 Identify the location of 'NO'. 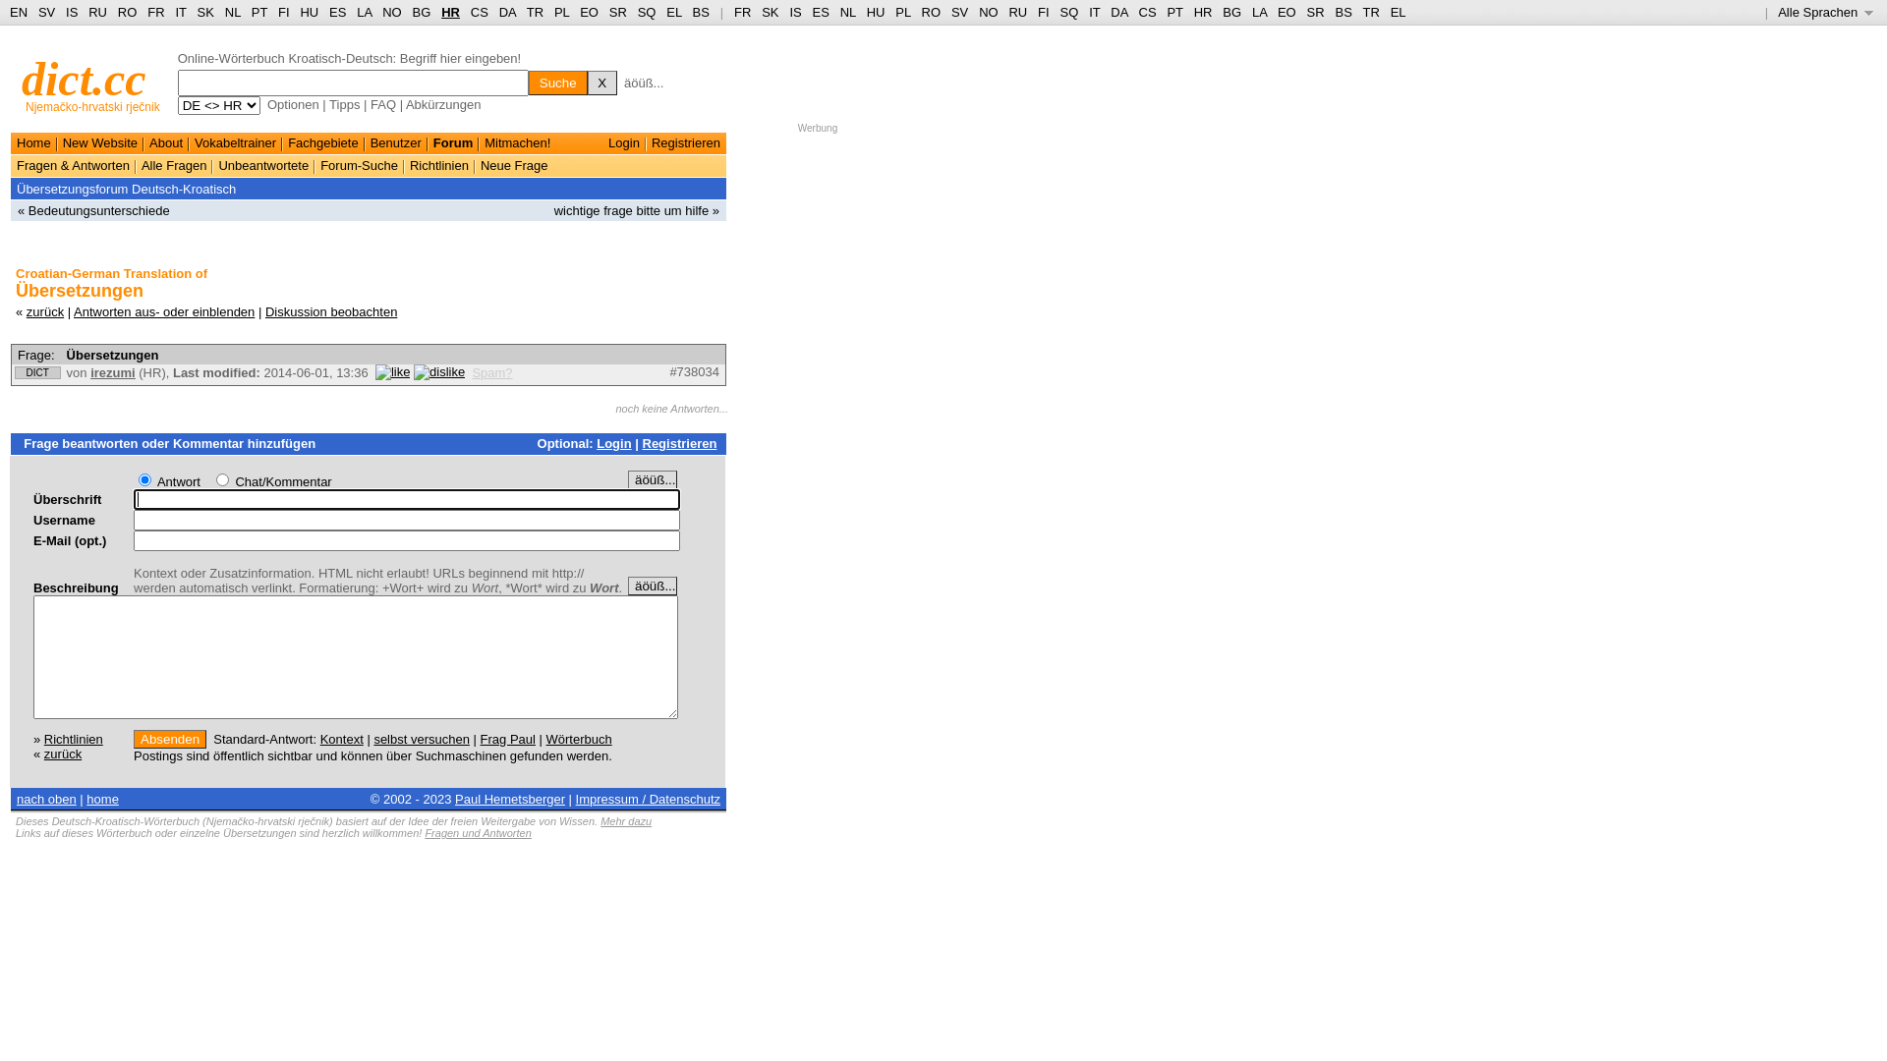
(989, 12).